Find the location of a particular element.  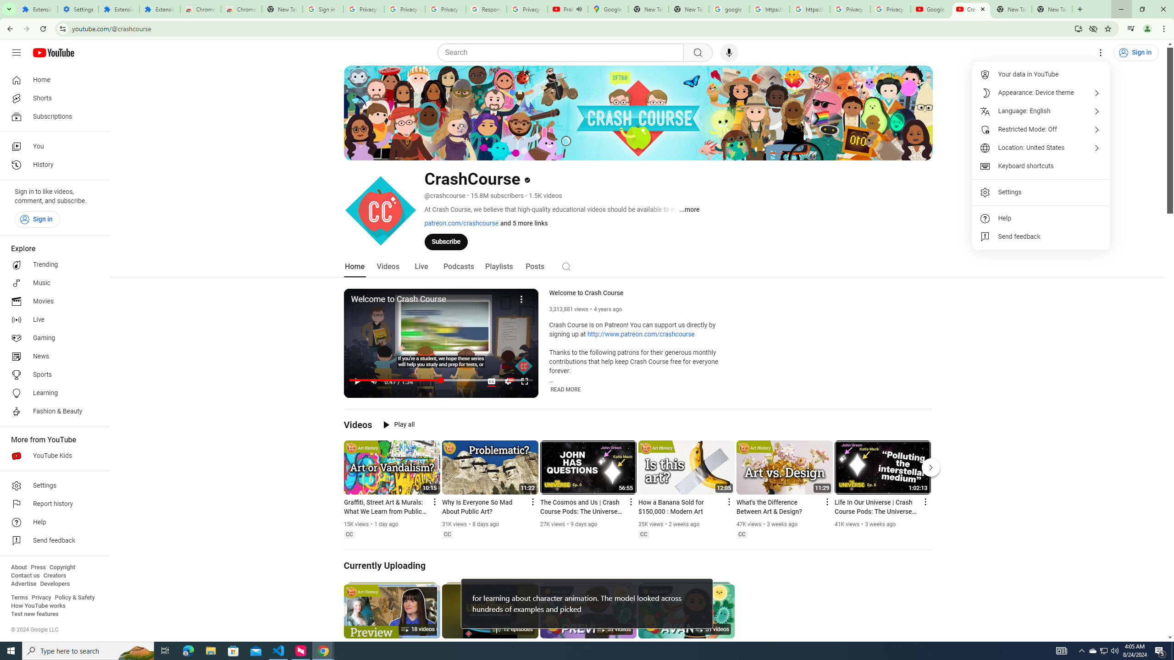

'Videos' is located at coordinates (388, 266).